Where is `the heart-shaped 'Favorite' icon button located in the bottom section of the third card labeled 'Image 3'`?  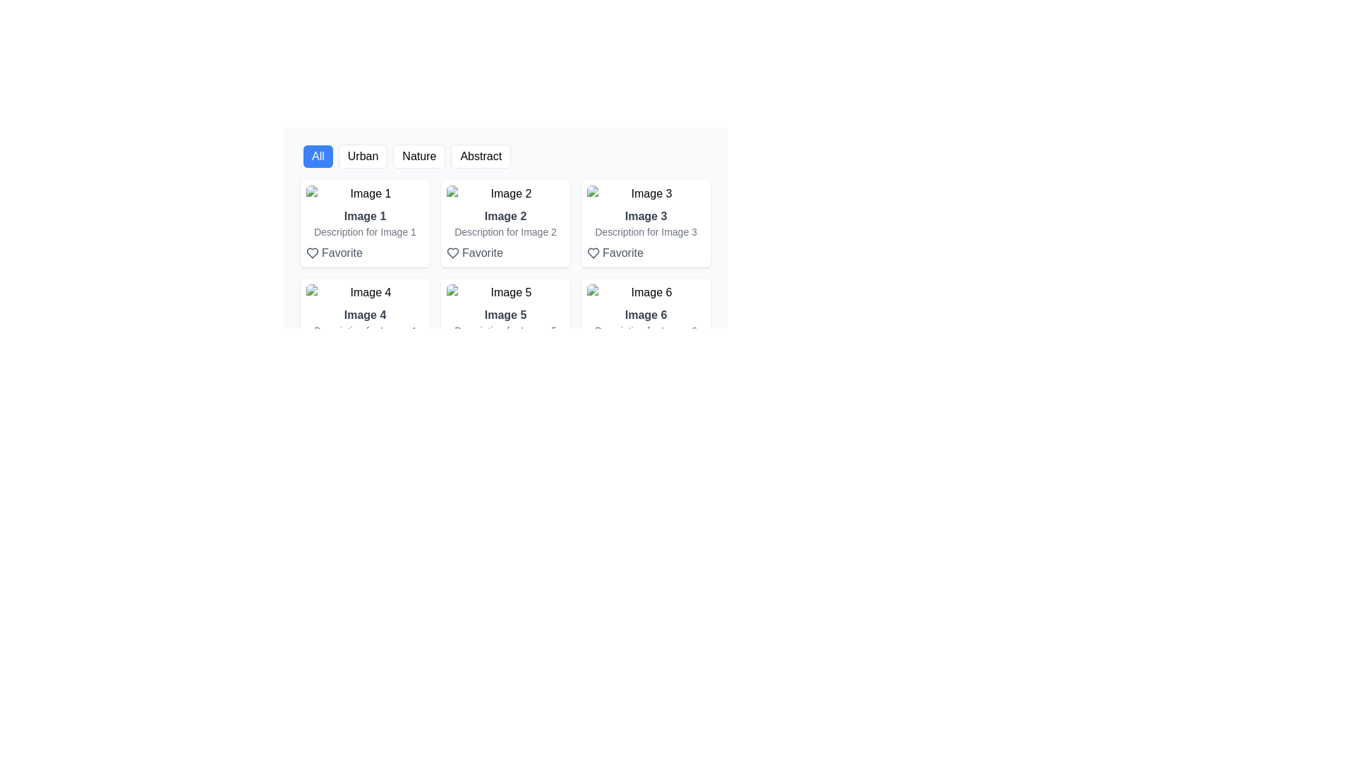 the heart-shaped 'Favorite' icon button located in the bottom section of the third card labeled 'Image 3' is located at coordinates (593, 252).